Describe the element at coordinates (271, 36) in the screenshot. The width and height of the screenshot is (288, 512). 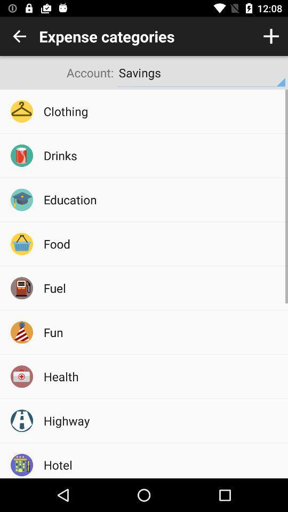
I see `category` at that location.